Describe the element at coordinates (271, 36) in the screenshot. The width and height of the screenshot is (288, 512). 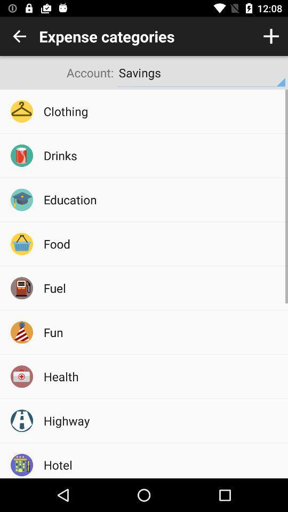
I see `category` at that location.